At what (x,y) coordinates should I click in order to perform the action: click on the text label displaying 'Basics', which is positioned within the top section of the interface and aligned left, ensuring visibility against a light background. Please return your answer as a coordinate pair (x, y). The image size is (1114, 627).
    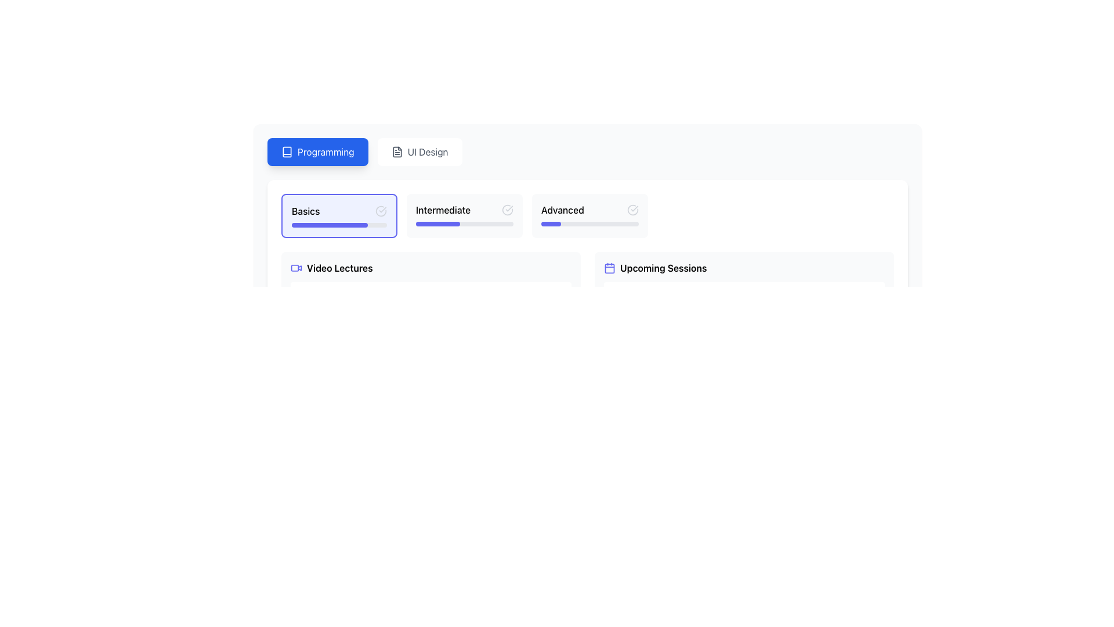
    Looking at the image, I should click on (306, 211).